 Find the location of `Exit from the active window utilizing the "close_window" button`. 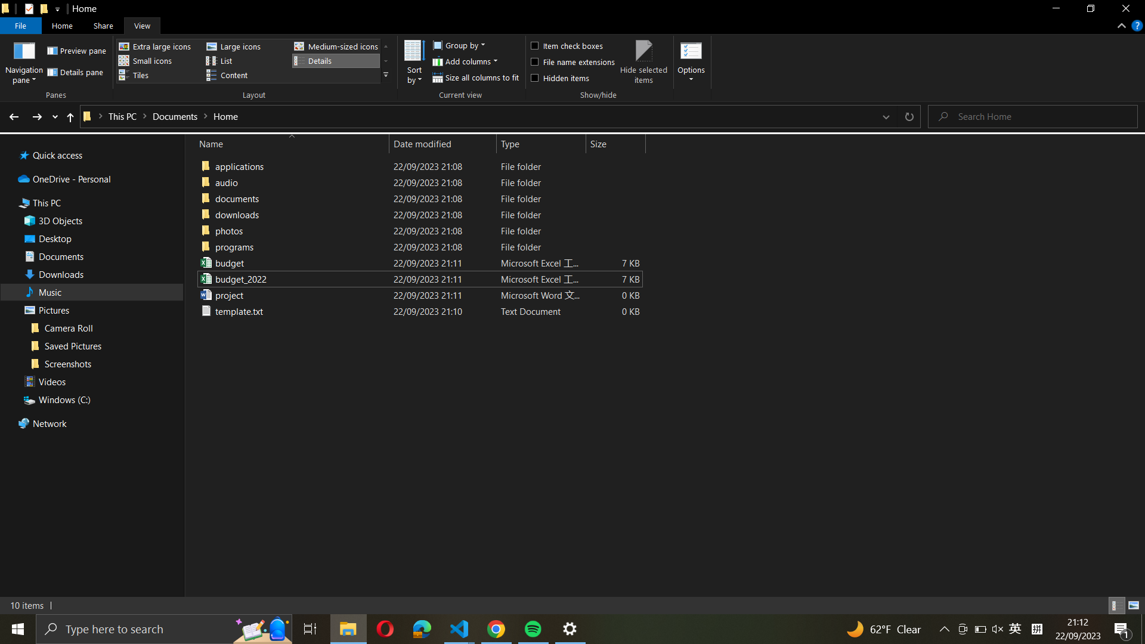

Exit from the active window utilizing the "close_window" button is located at coordinates (1125, 10).